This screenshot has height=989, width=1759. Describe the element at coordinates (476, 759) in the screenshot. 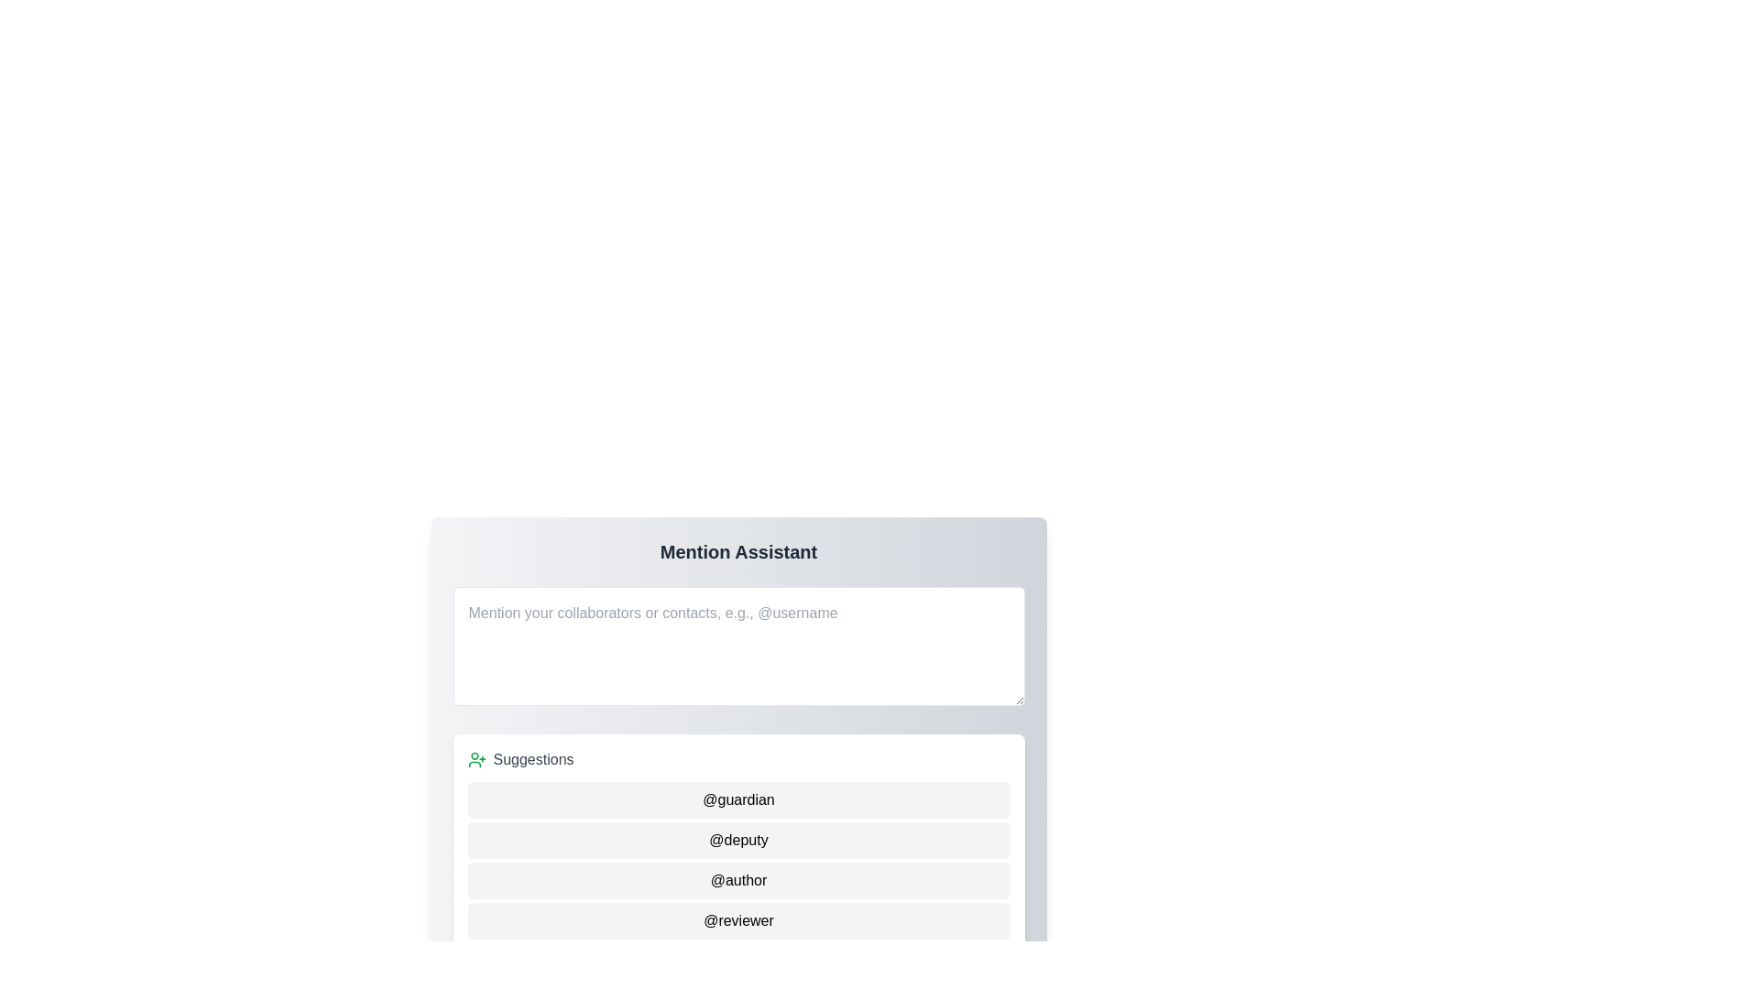

I see `the icon resembling a person with a plus sign, styled in green, located at the start of the 'Suggestions' heading in the upper-left section of the suggestion panel` at that location.